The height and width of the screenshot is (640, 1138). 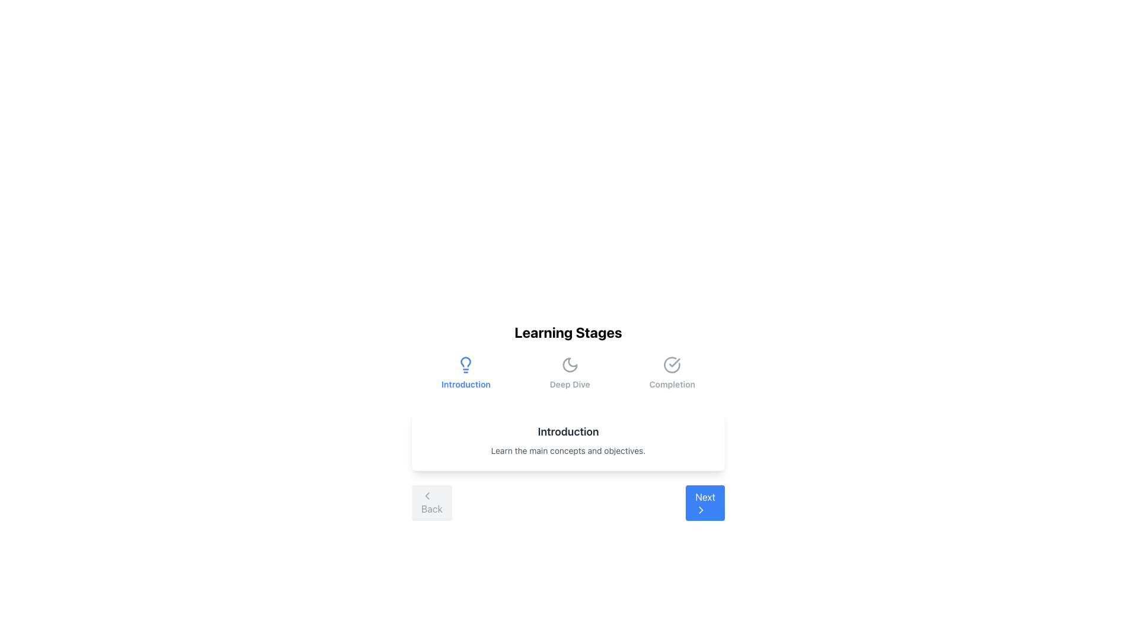 What do you see at coordinates (570, 384) in the screenshot?
I see `the label for the second stage in the 'Learning Stages' navigation feature, which is centered horizontally in the middle section of a three-column layout` at bounding box center [570, 384].